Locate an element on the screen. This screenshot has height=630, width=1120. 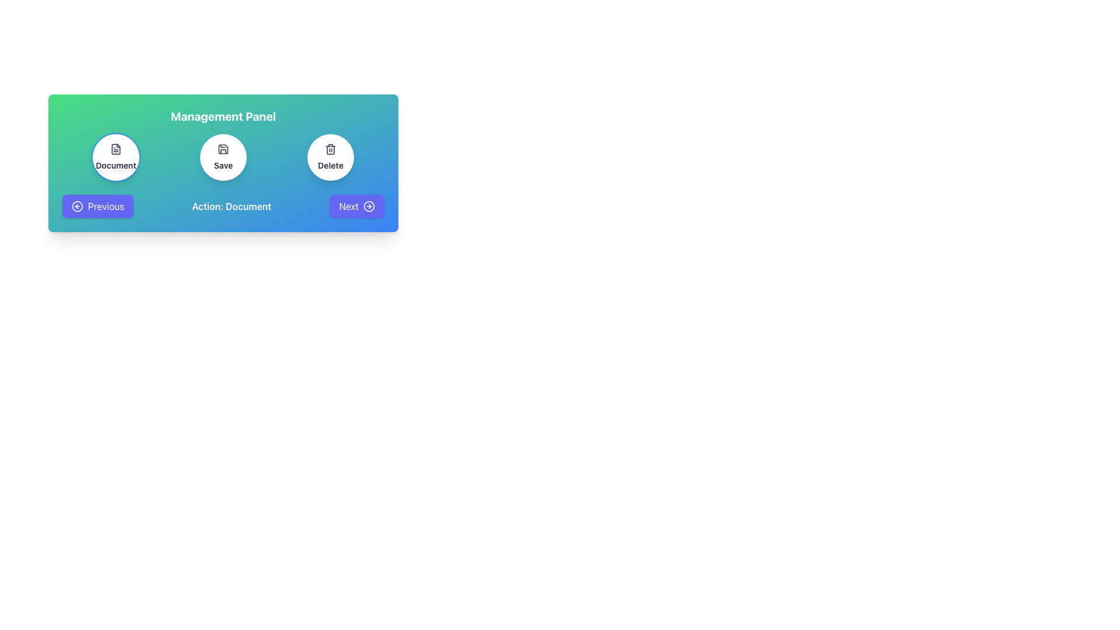
the 'Previous' button located at the bottom-left corner of the panel, which contains a left-pointing arrow icon within a circular outline is located at coordinates (77, 206).